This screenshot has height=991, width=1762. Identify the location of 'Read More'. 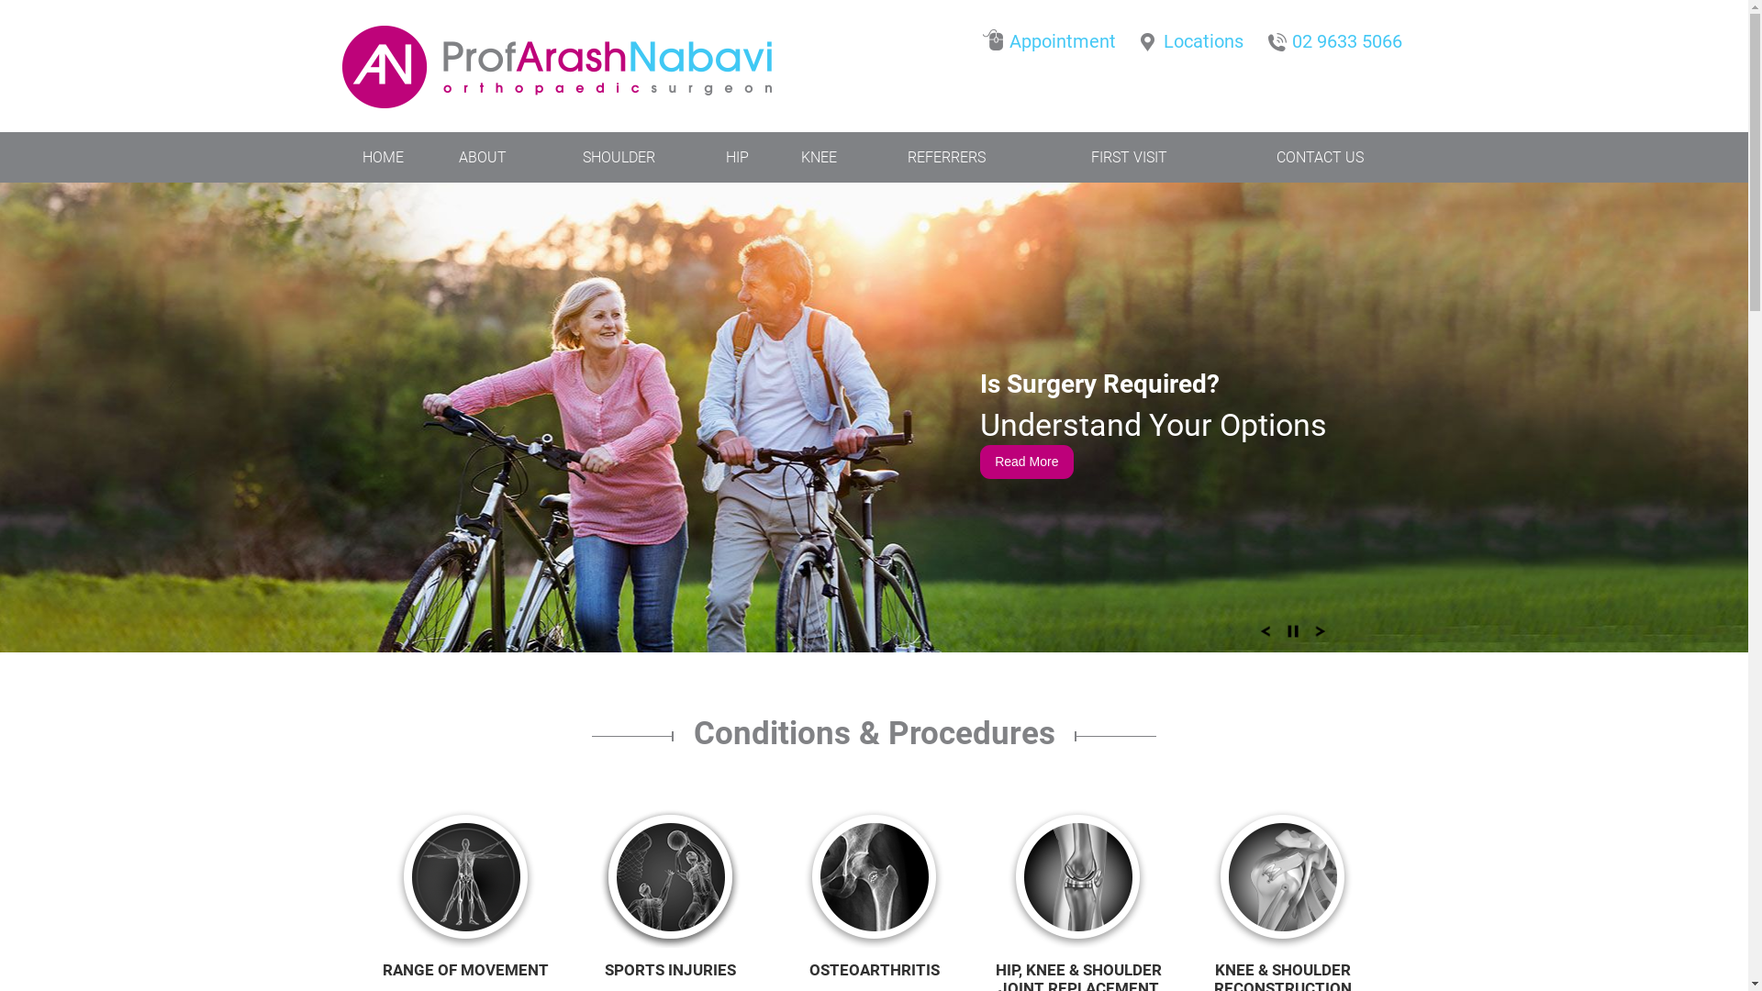
(979, 461).